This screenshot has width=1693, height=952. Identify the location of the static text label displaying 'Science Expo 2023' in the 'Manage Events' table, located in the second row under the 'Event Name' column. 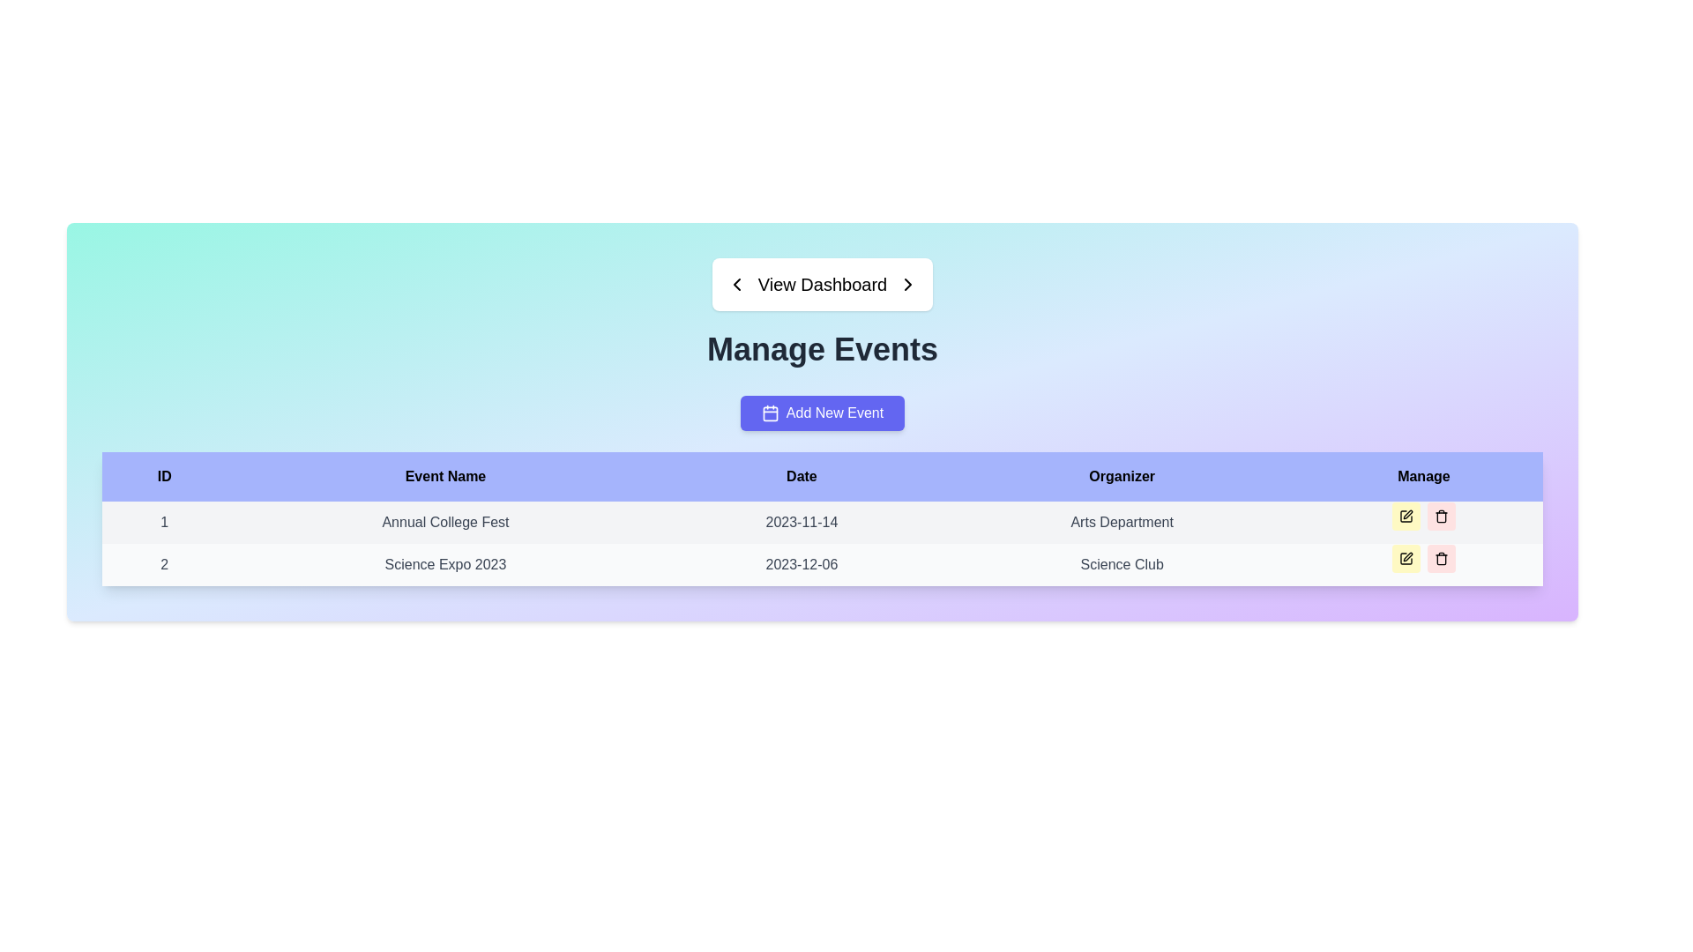
(445, 564).